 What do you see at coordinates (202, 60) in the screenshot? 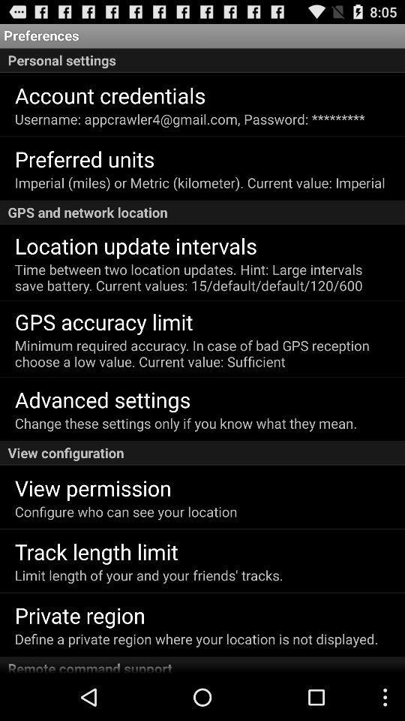
I see `the icon below preferences app` at bounding box center [202, 60].